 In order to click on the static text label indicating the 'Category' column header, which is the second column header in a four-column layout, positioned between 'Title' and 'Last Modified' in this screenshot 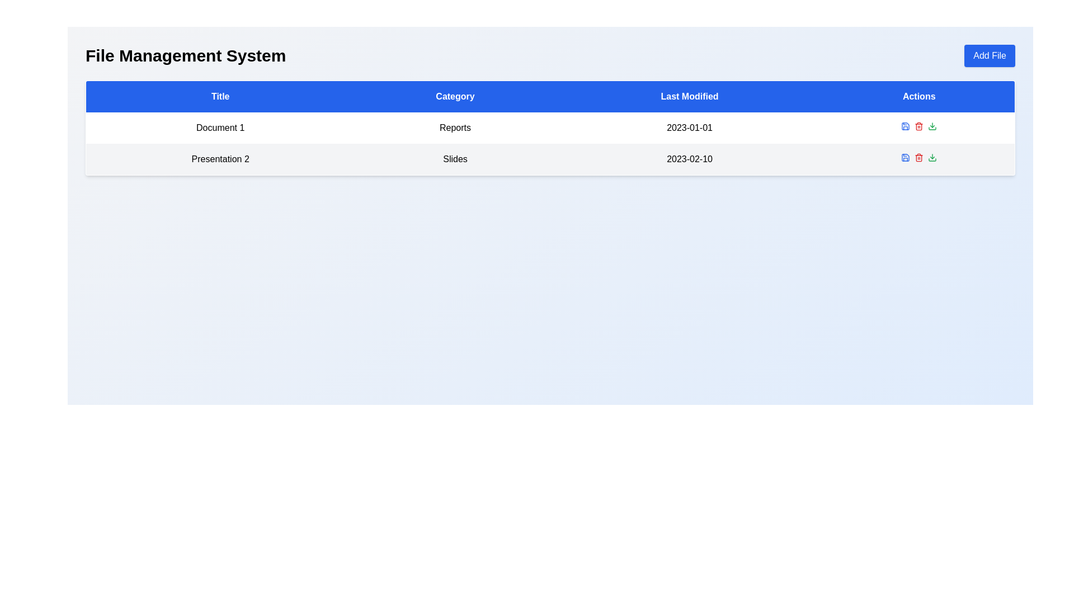, I will do `click(455, 96)`.